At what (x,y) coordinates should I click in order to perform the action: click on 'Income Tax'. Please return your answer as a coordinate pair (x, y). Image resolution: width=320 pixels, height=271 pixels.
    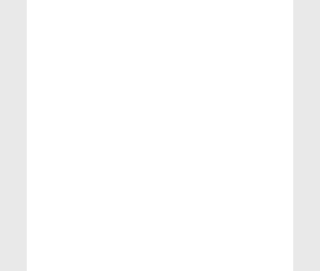
    Looking at the image, I should click on (50, 29).